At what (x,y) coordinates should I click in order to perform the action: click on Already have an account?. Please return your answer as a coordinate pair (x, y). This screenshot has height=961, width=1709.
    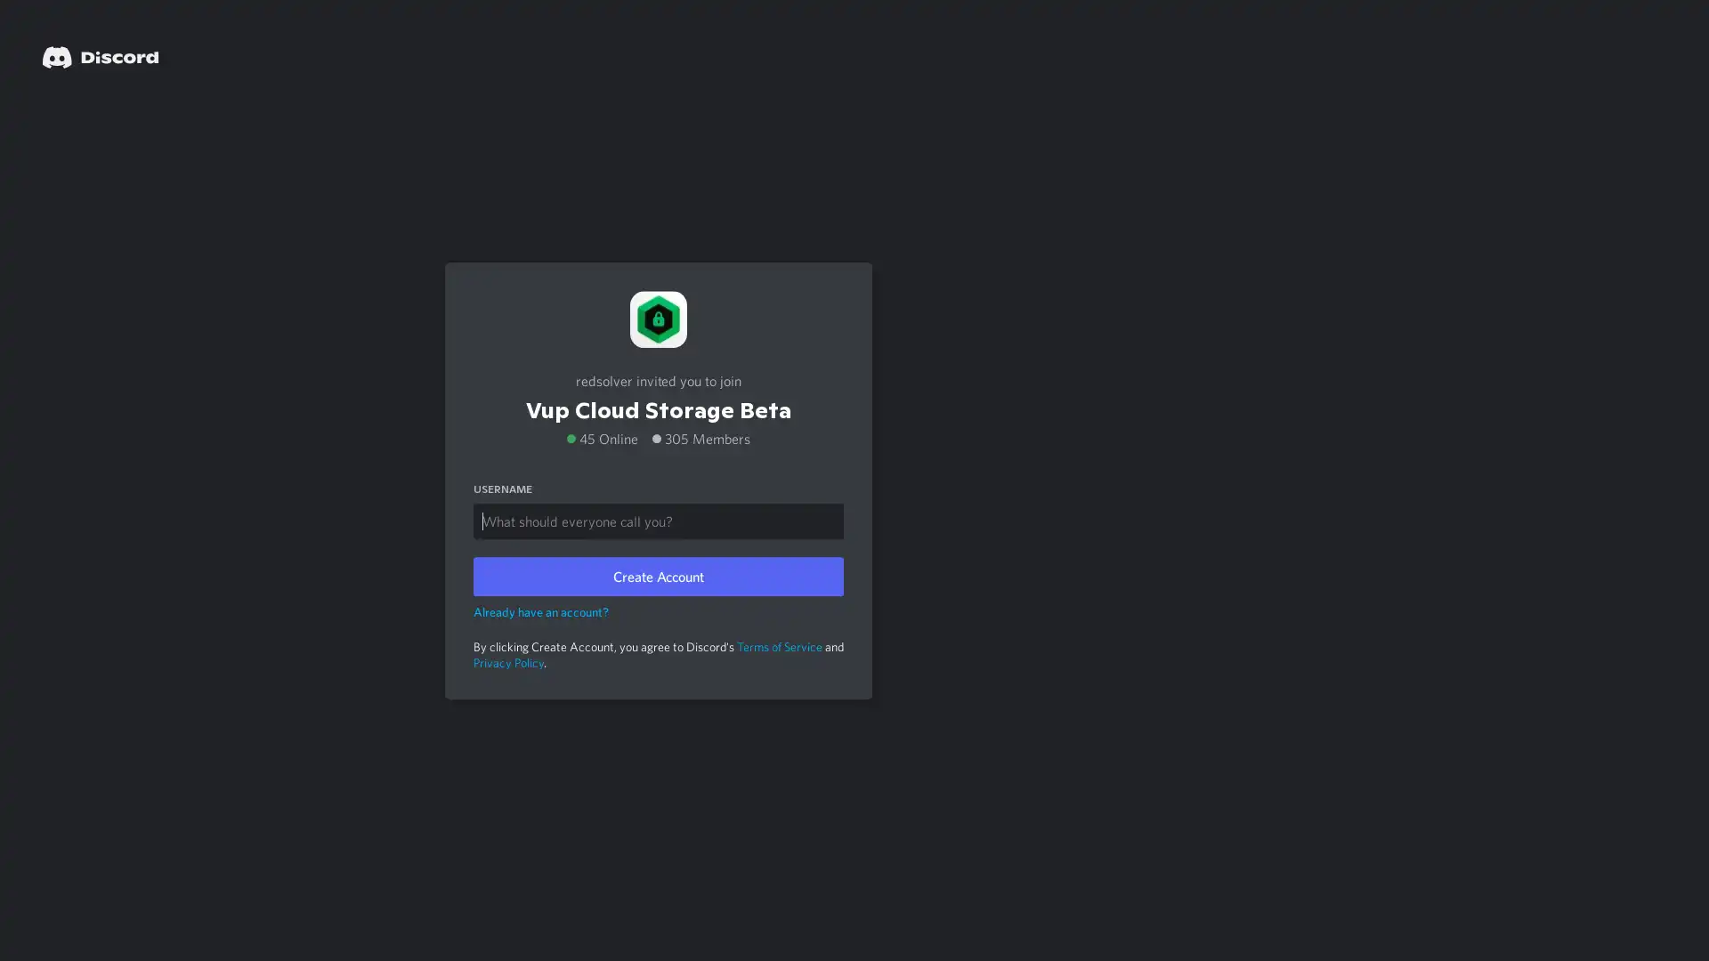
    Looking at the image, I should click on (540, 610).